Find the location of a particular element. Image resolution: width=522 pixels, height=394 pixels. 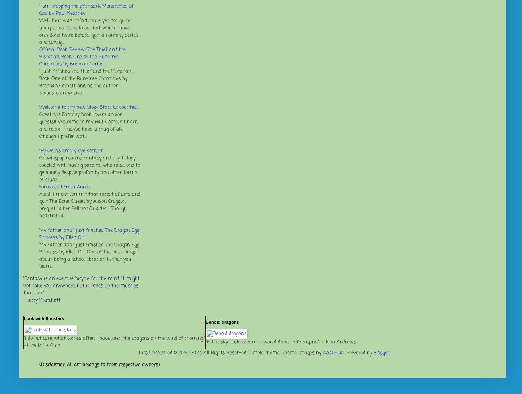

'"By Odin's empty eye socket!"' is located at coordinates (71, 151).